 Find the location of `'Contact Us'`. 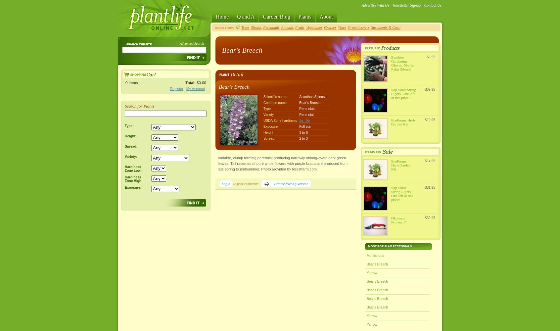

'Contact Us' is located at coordinates (432, 5).